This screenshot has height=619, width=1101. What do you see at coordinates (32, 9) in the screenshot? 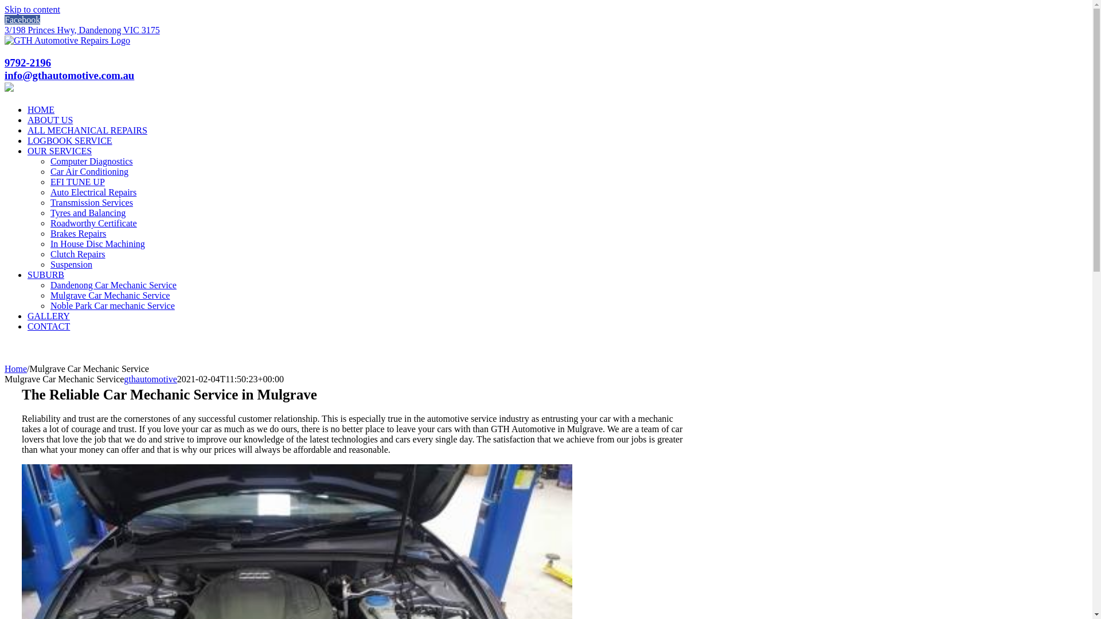
I see `'Skip to content'` at bounding box center [32, 9].